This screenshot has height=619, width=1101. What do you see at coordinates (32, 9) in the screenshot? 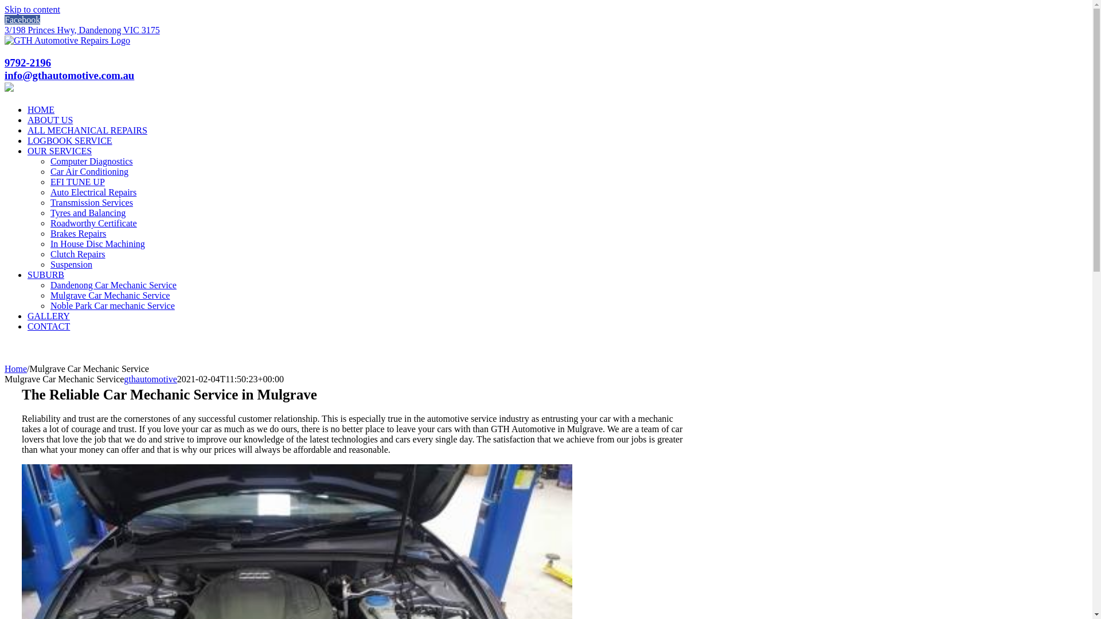
I see `'Skip to content'` at bounding box center [32, 9].